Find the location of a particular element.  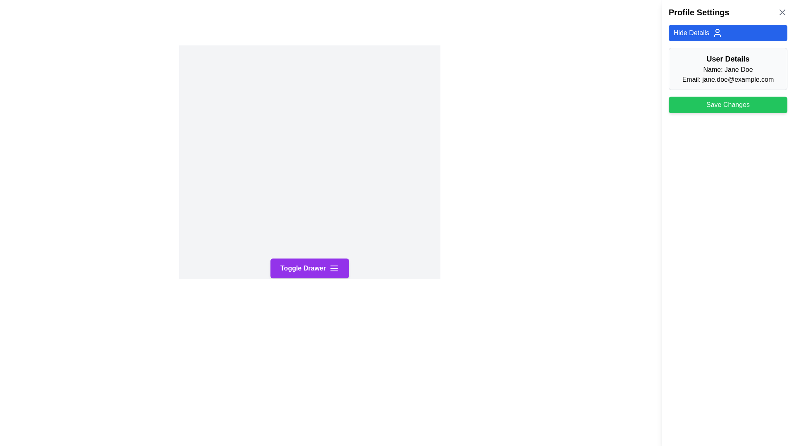

the decorative icon located within the blue 'Hide Details' button at the top of the profile settings sidebar is located at coordinates (717, 33).